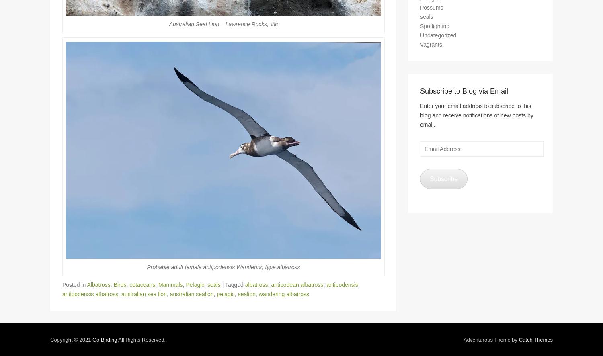 This screenshot has width=603, height=356. What do you see at coordinates (191, 297) in the screenshot?
I see `'australian sealion'` at bounding box center [191, 297].